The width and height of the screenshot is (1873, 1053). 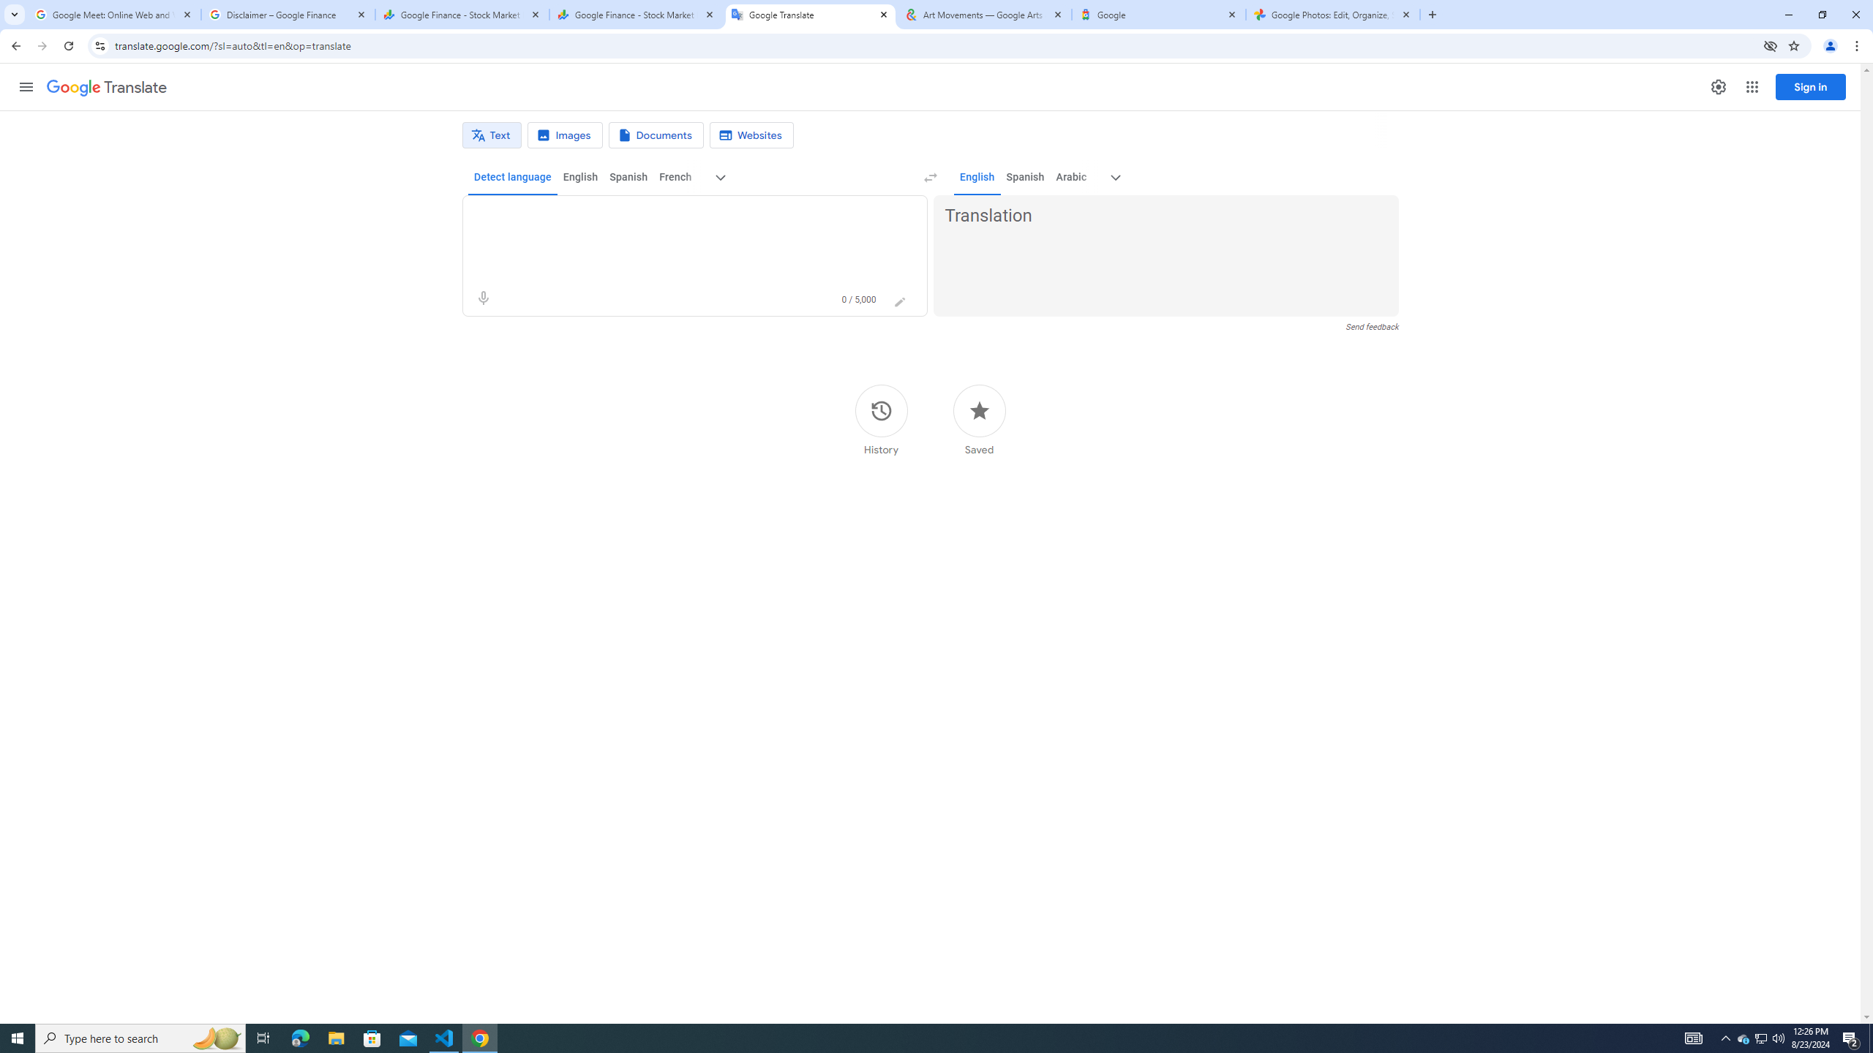 What do you see at coordinates (25, 86) in the screenshot?
I see `'Main menu'` at bounding box center [25, 86].